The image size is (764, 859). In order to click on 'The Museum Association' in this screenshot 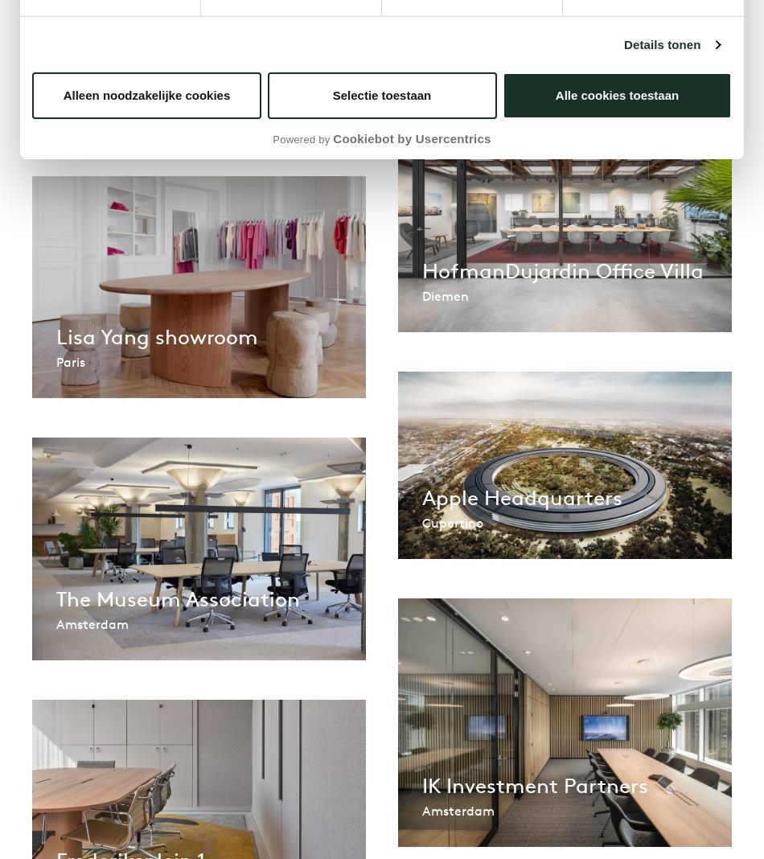, I will do `click(178, 598)`.